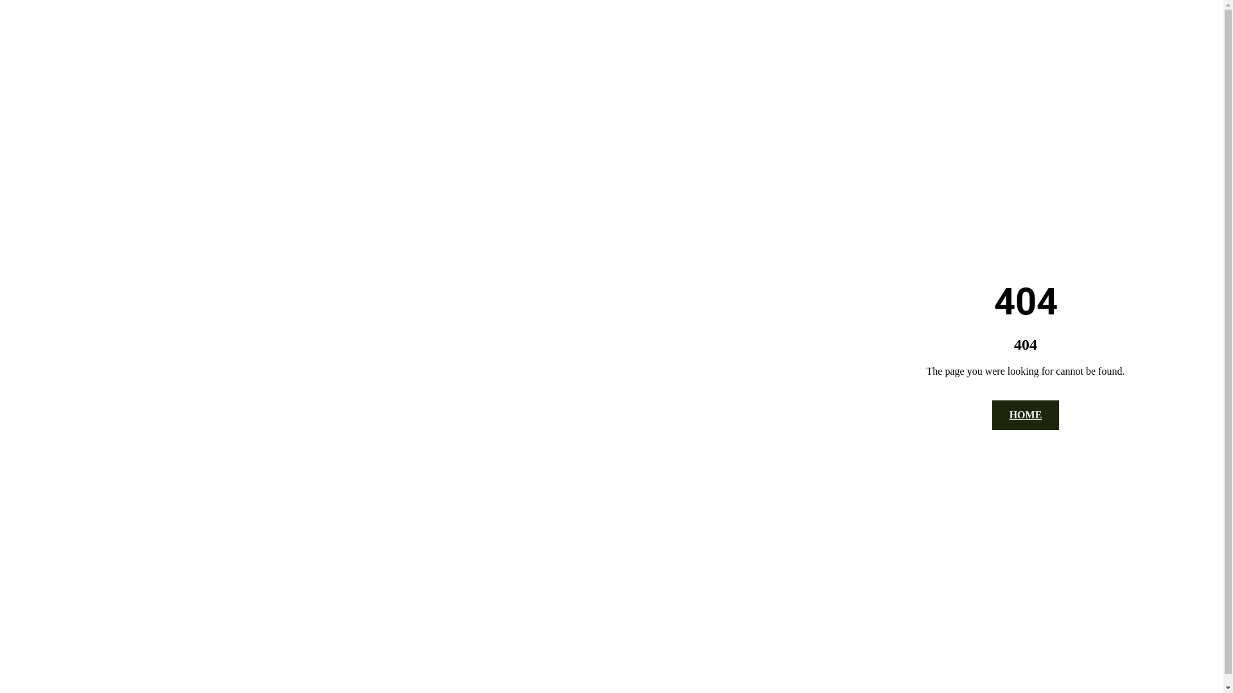  Describe the element at coordinates (1025, 415) in the screenshot. I see `'HOME'` at that location.